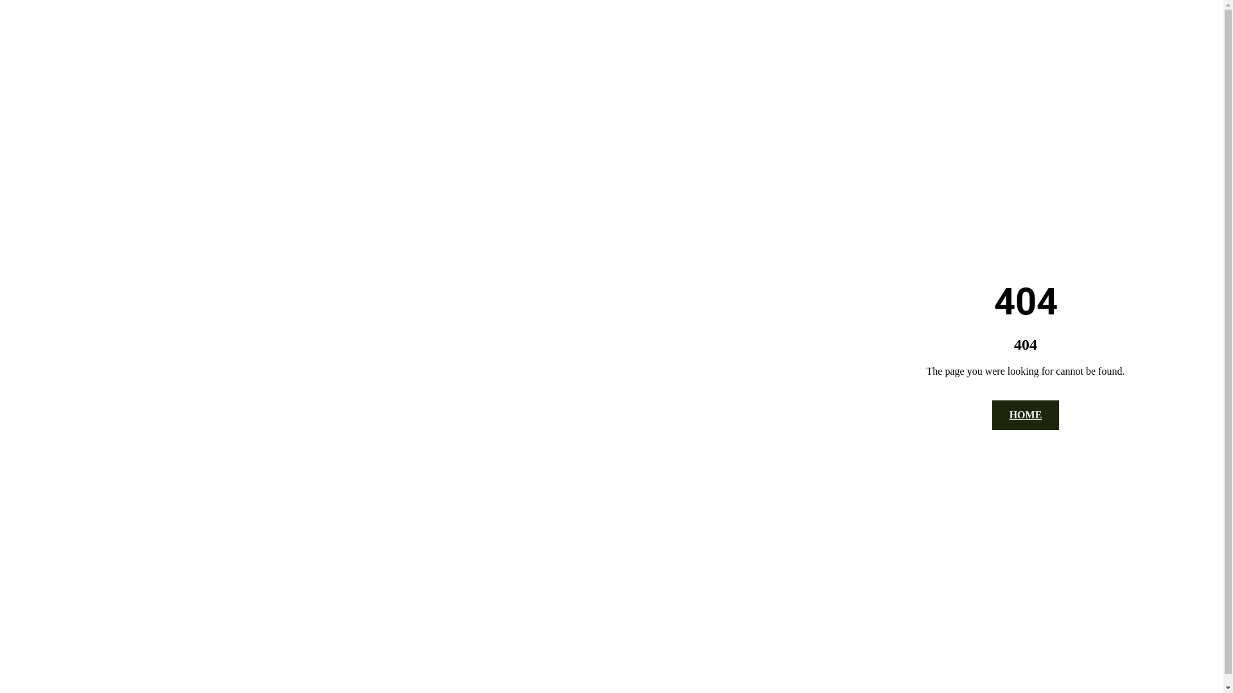  Describe the element at coordinates (1025, 415) in the screenshot. I see `'HOME'` at that location.